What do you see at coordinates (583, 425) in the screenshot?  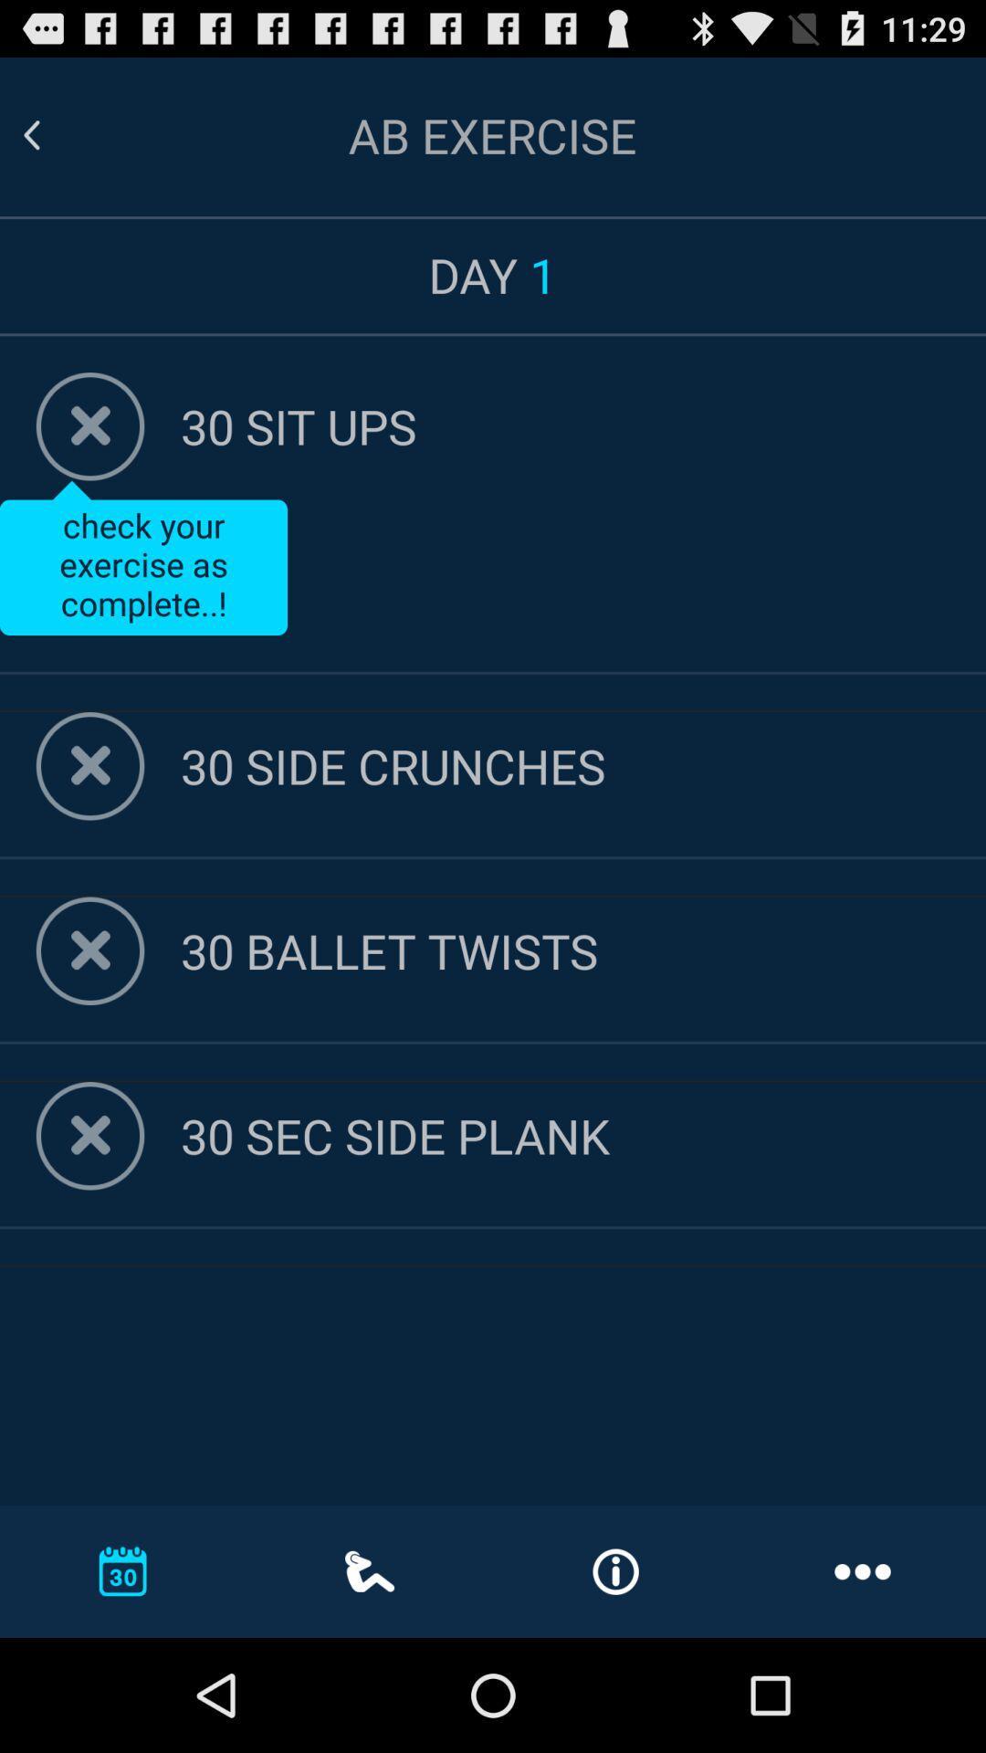 I see `30 sit ups icon` at bounding box center [583, 425].